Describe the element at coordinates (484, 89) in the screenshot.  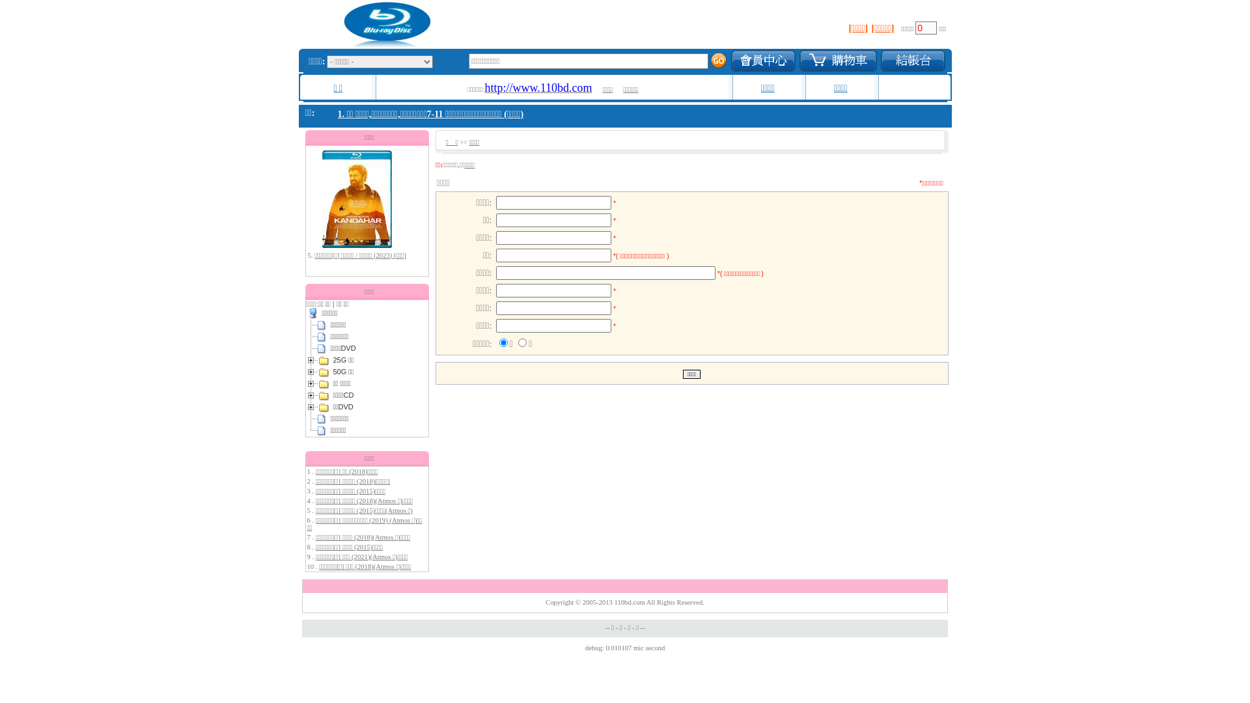
I see `'http://www.110bd.com'` at that location.